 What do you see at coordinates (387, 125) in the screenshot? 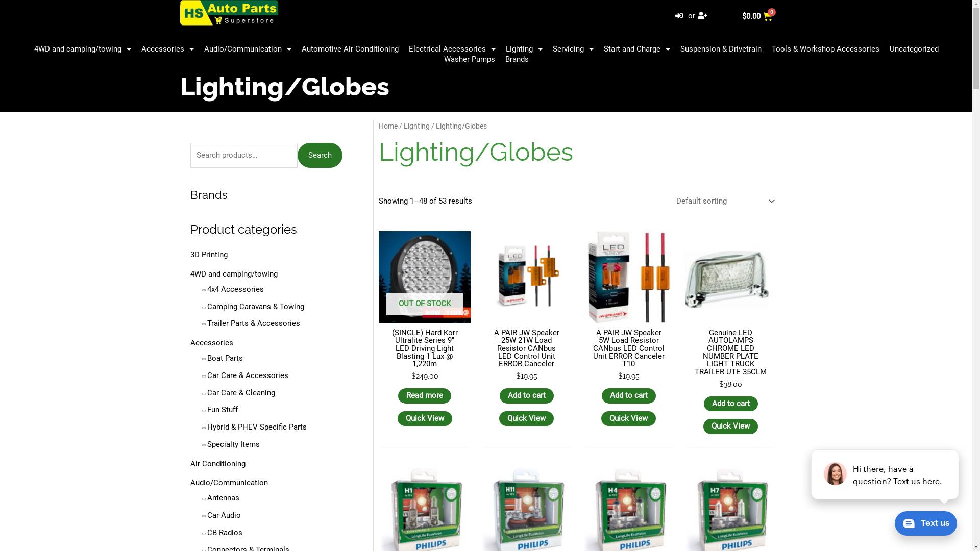
I see `'Home'` at bounding box center [387, 125].